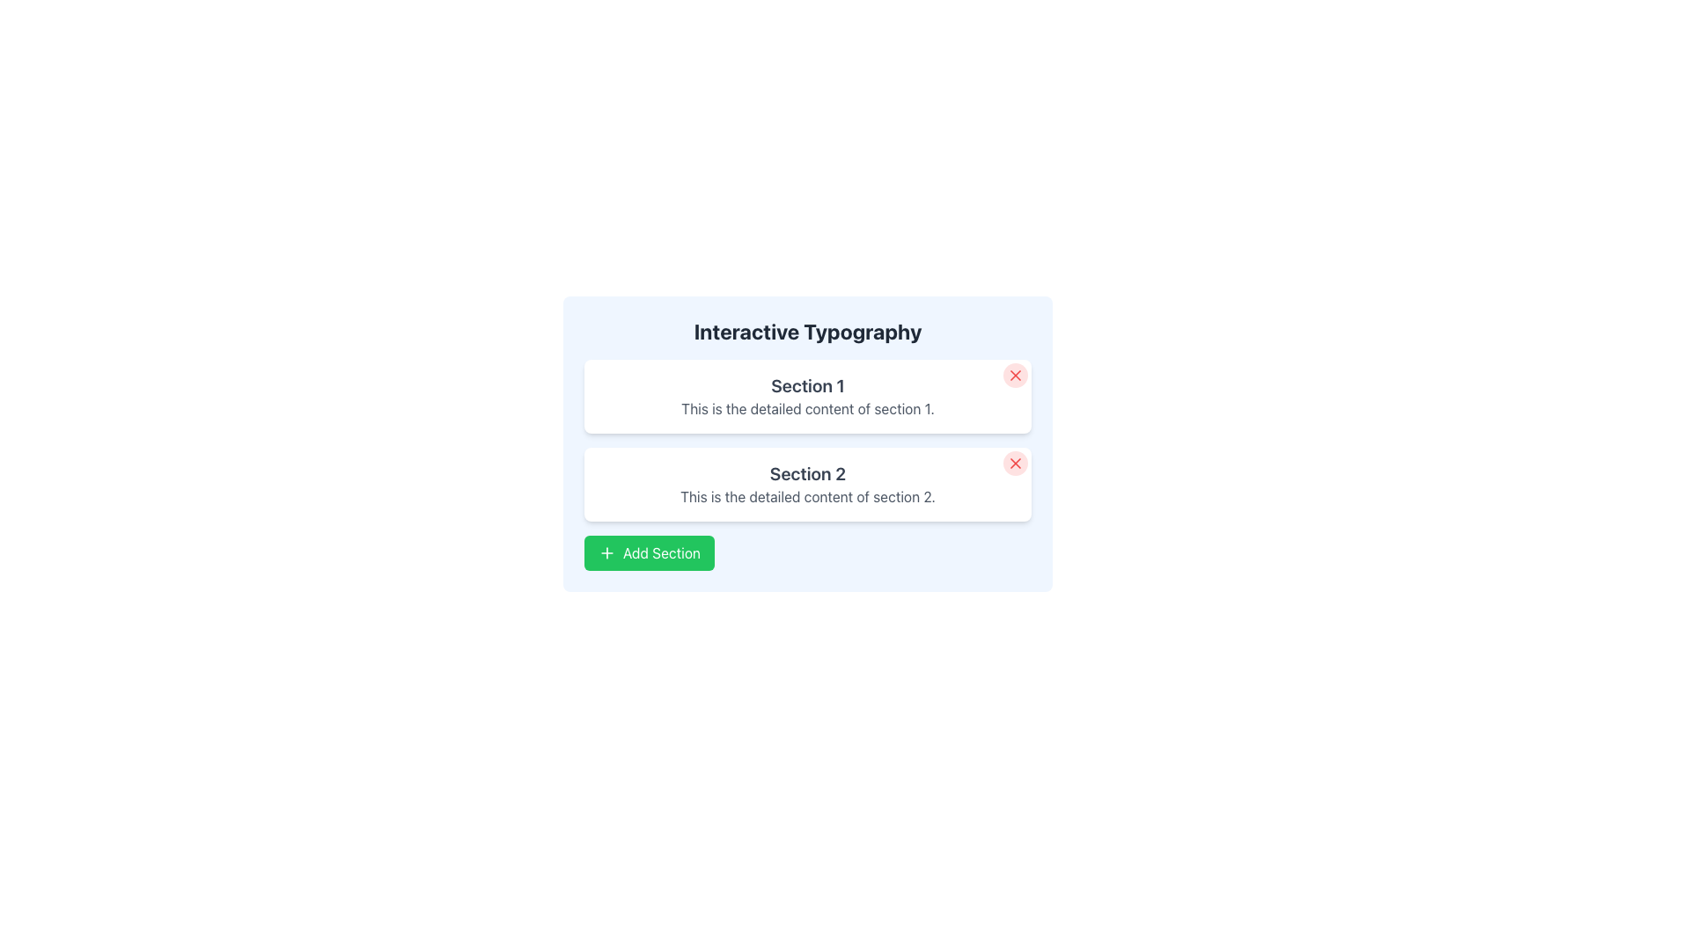  What do you see at coordinates (1015, 463) in the screenshot?
I see `the close icon button located in the top-right corner of the 'Section 2' box` at bounding box center [1015, 463].